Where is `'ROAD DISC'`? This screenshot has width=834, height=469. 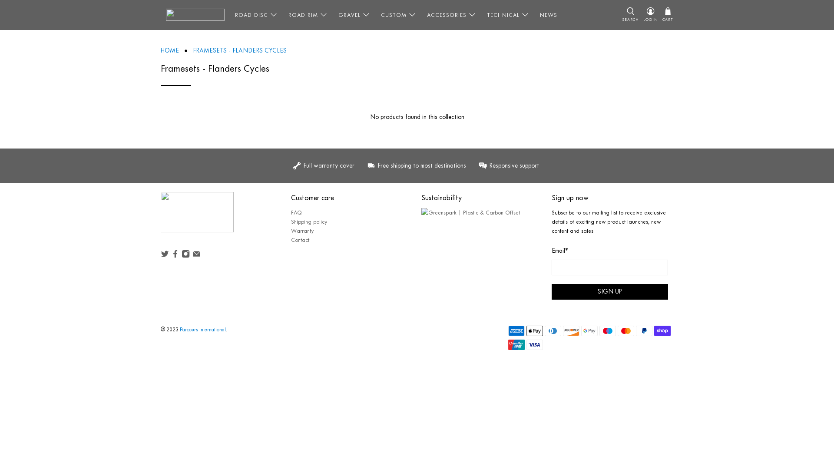 'ROAD DISC' is located at coordinates (256, 15).